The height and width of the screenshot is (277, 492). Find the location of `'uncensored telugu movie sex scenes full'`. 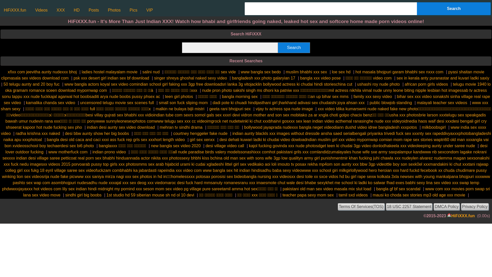

'uncensored telugu movie sex scenes full' is located at coordinates (117, 103).